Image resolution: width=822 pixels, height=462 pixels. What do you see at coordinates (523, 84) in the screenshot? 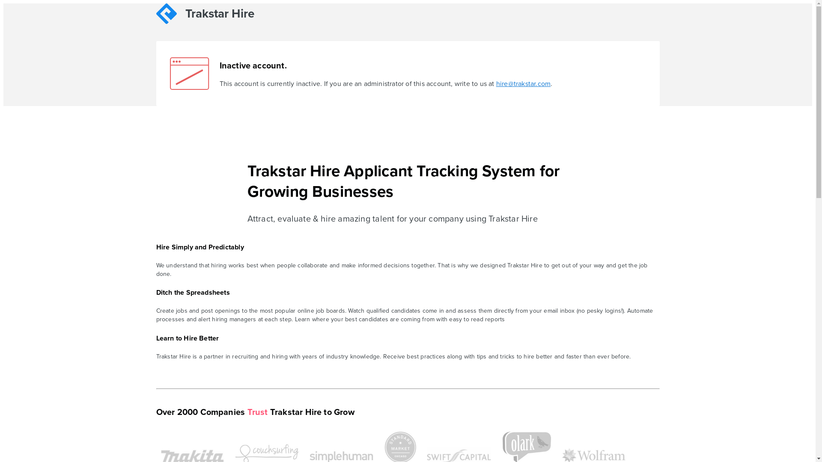
I see `'hire@trakstar.com'` at bounding box center [523, 84].